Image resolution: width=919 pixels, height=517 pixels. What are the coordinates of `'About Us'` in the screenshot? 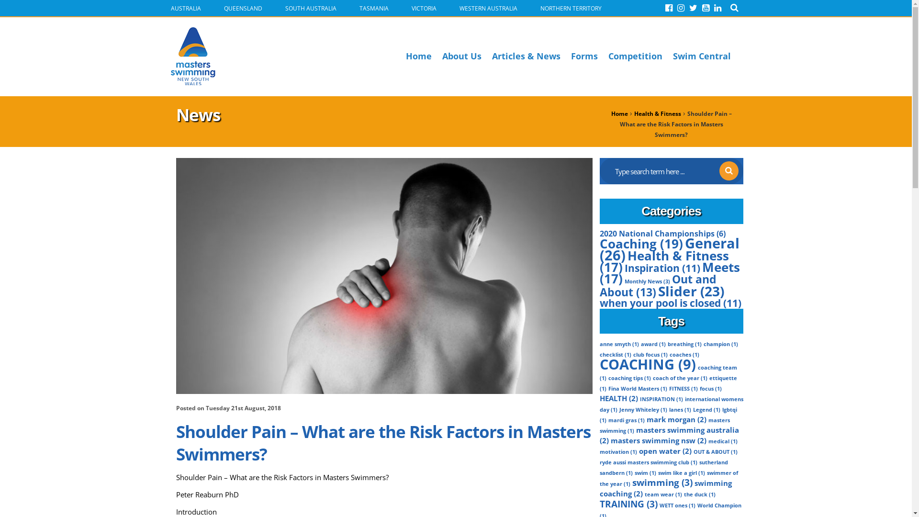 It's located at (461, 56).